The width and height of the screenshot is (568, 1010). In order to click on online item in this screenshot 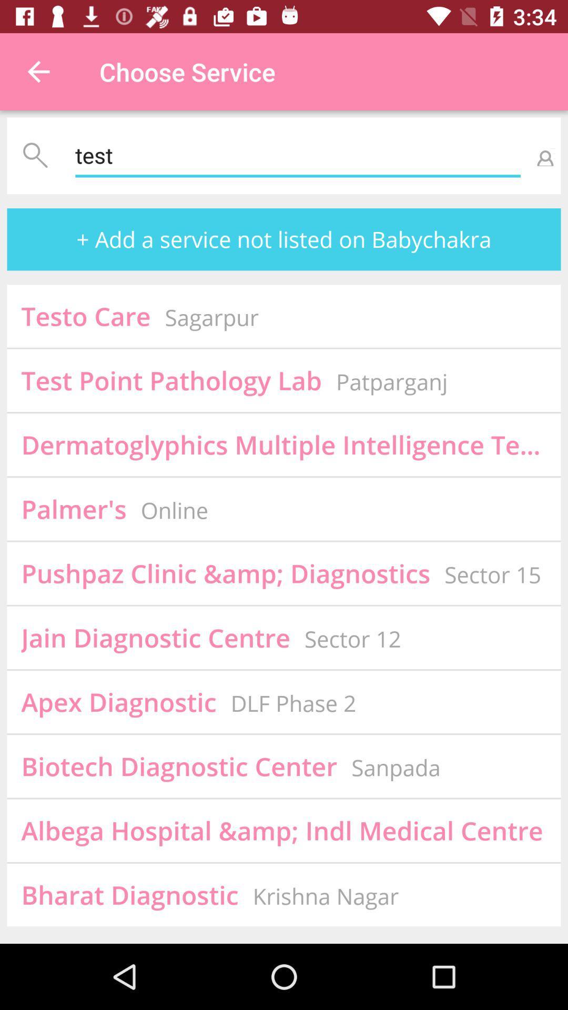, I will do `click(174, 510)`.